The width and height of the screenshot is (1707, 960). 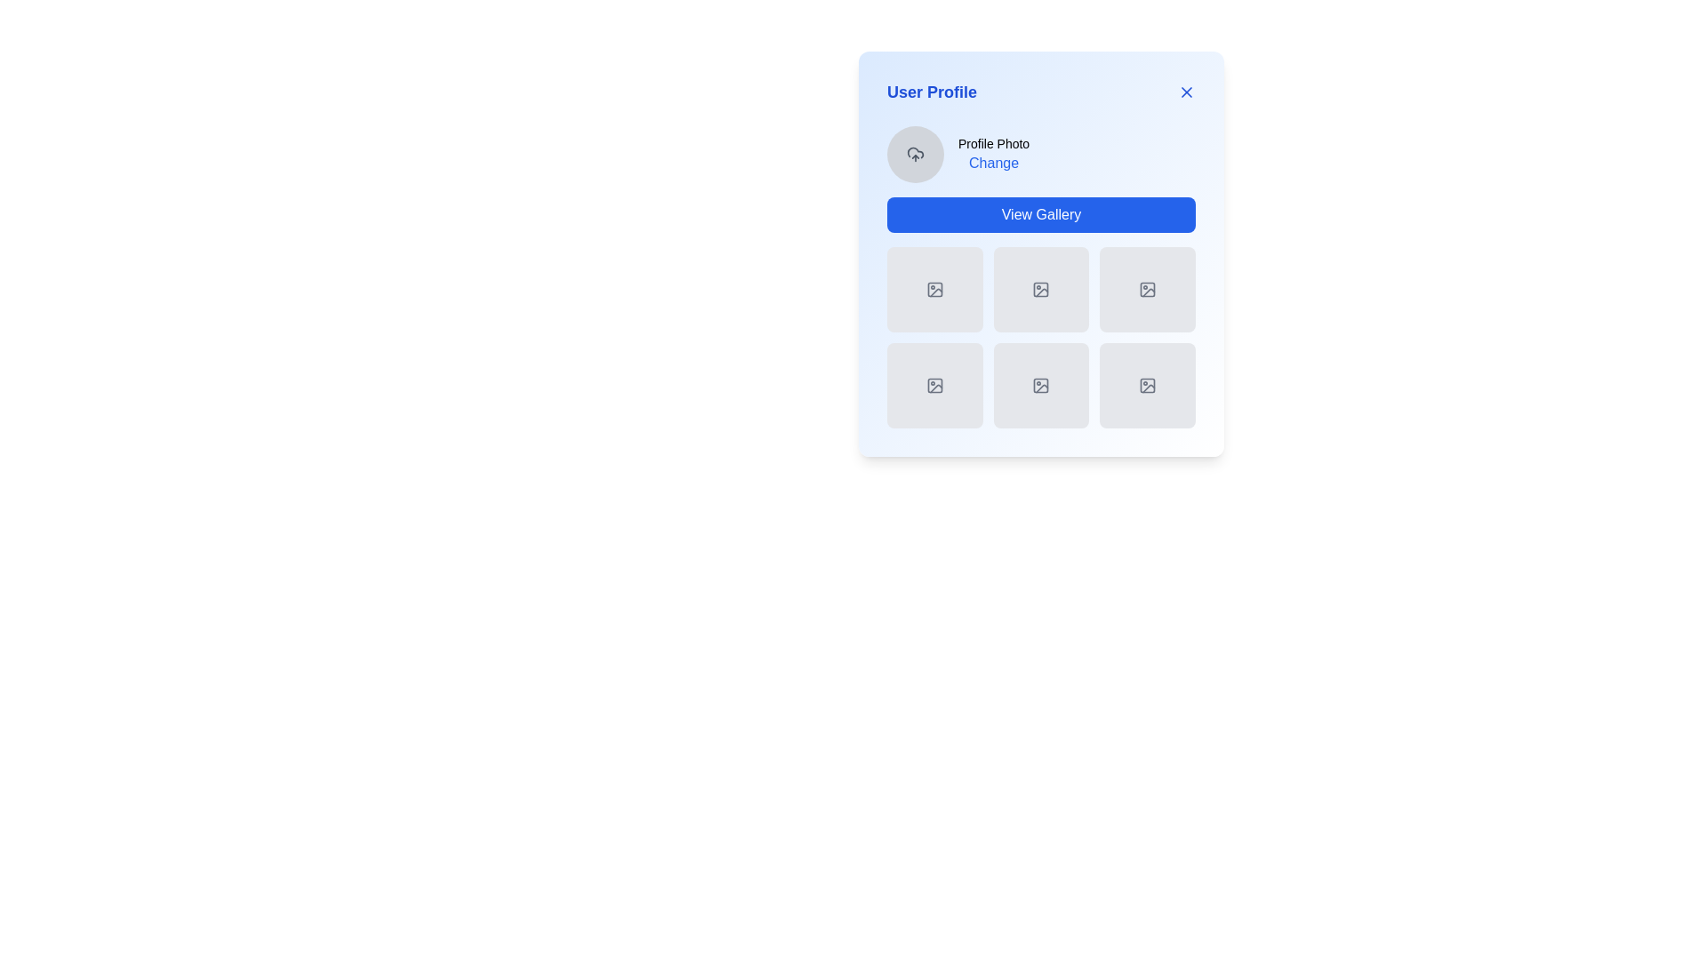 I want to click on the lower-right icon in the 3x2 grid of image placeholders on the blue-tinted user profile card, so click(x=1148, y=385).